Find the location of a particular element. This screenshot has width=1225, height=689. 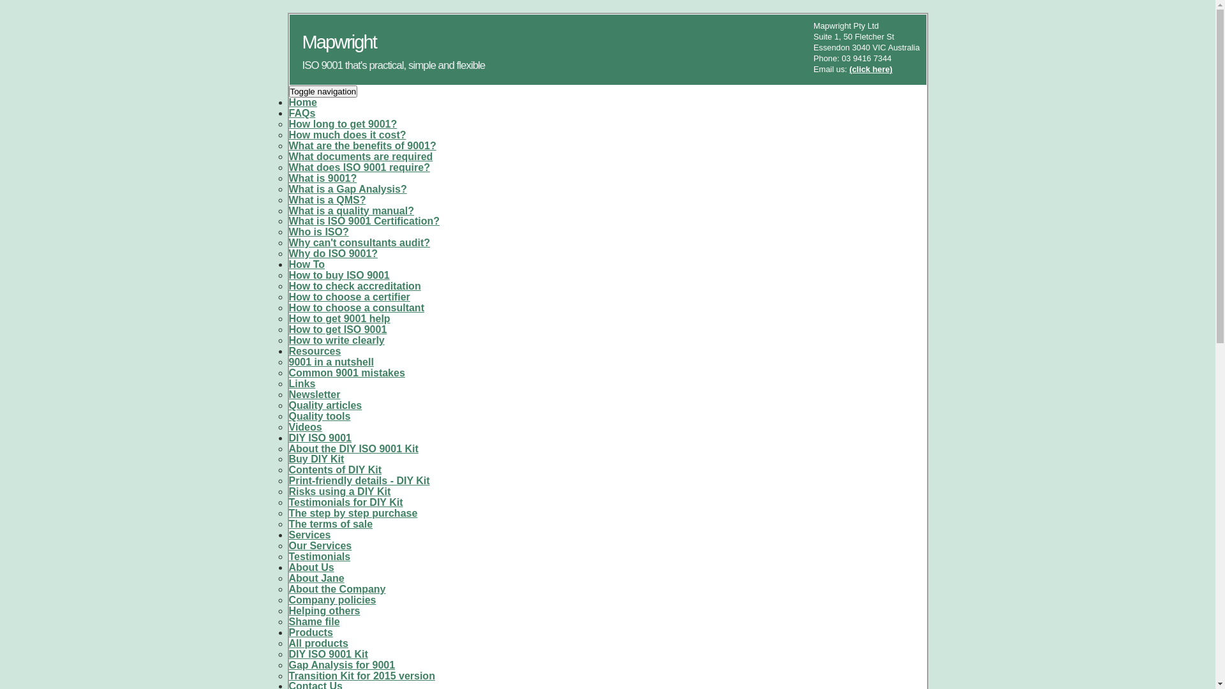

'(click here)' is located at coordinates (870, 69).